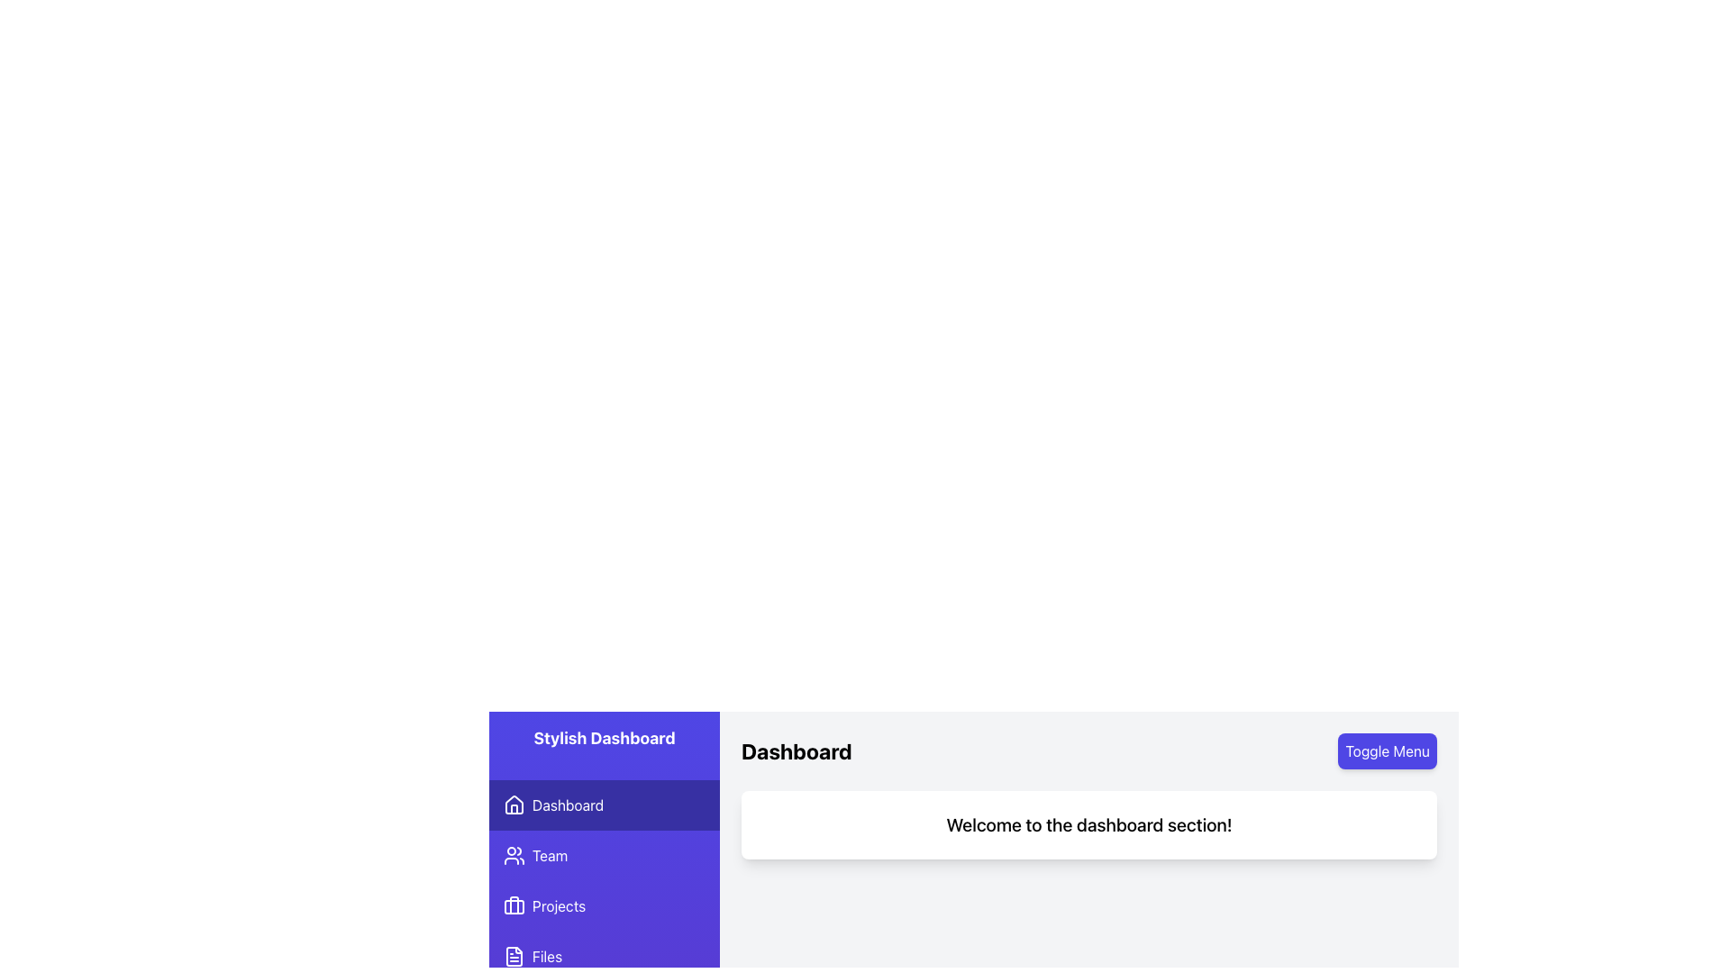  What do you see at coordinates (514, 906) in the screenshot?
I see `the Decorative Icon that serves as a visual indicator for the 'Projects' menu item in the sidebar` at bounding box center [514, 906].